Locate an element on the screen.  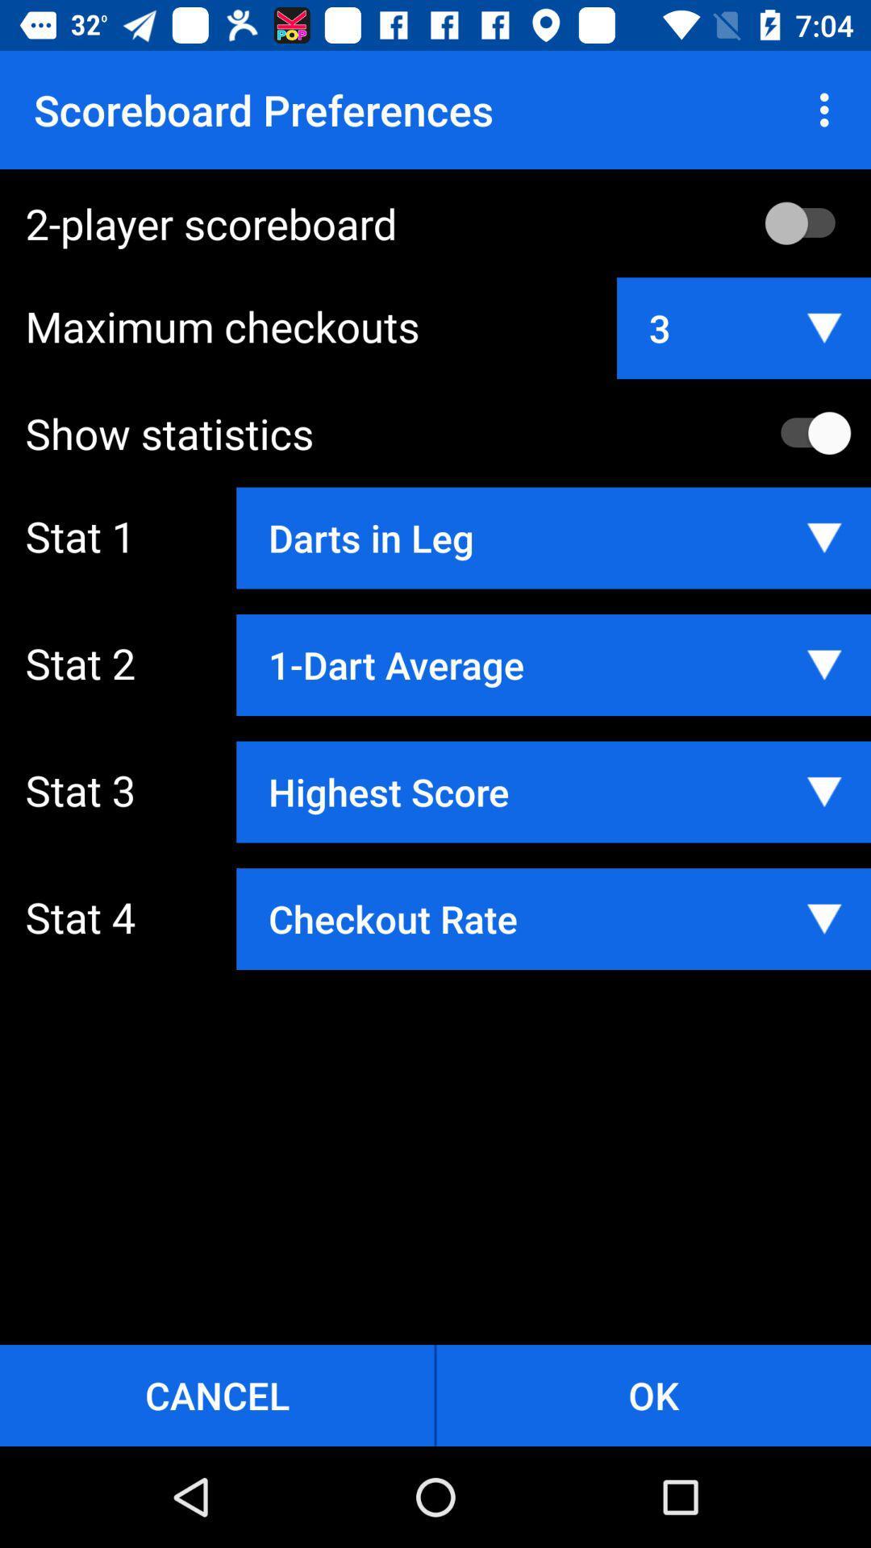
the button to the left of ok button is located at coordinates (216, 1395).